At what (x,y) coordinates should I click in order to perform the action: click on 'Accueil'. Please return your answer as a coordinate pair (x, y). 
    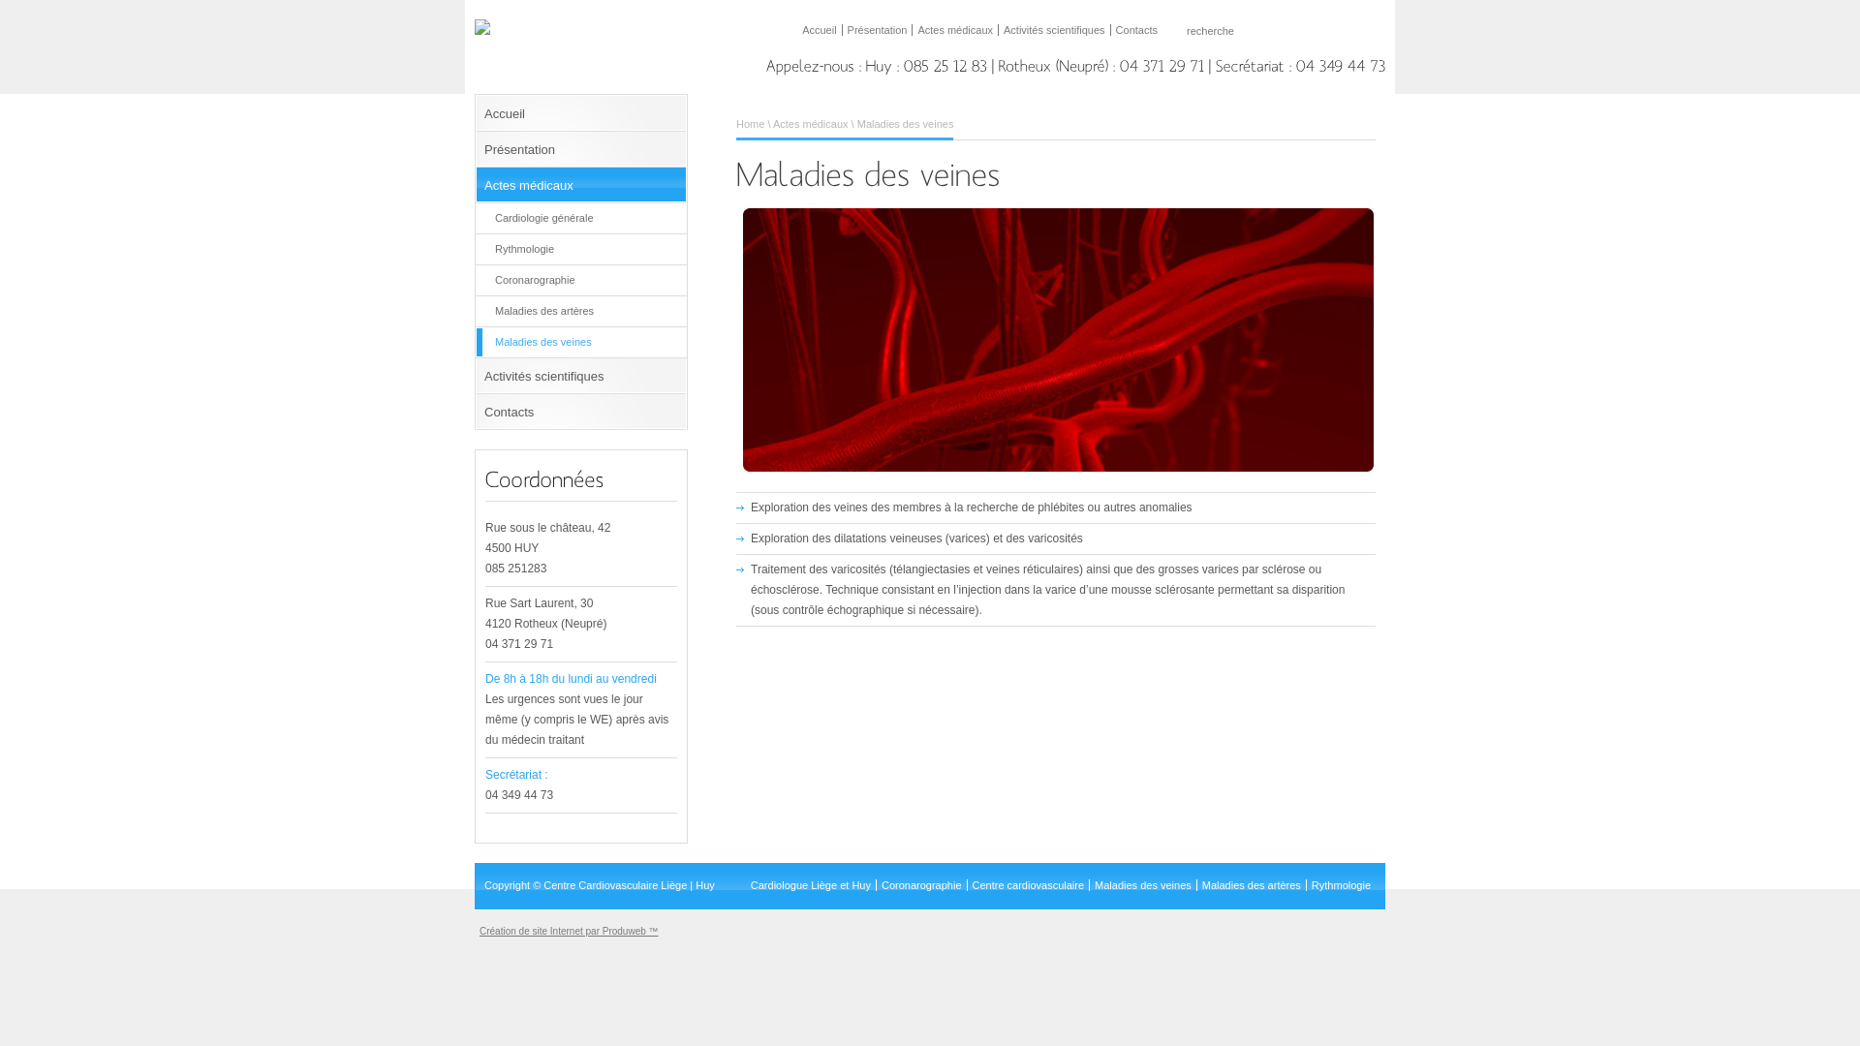
    Looking at the image, I should click on (819, 29).